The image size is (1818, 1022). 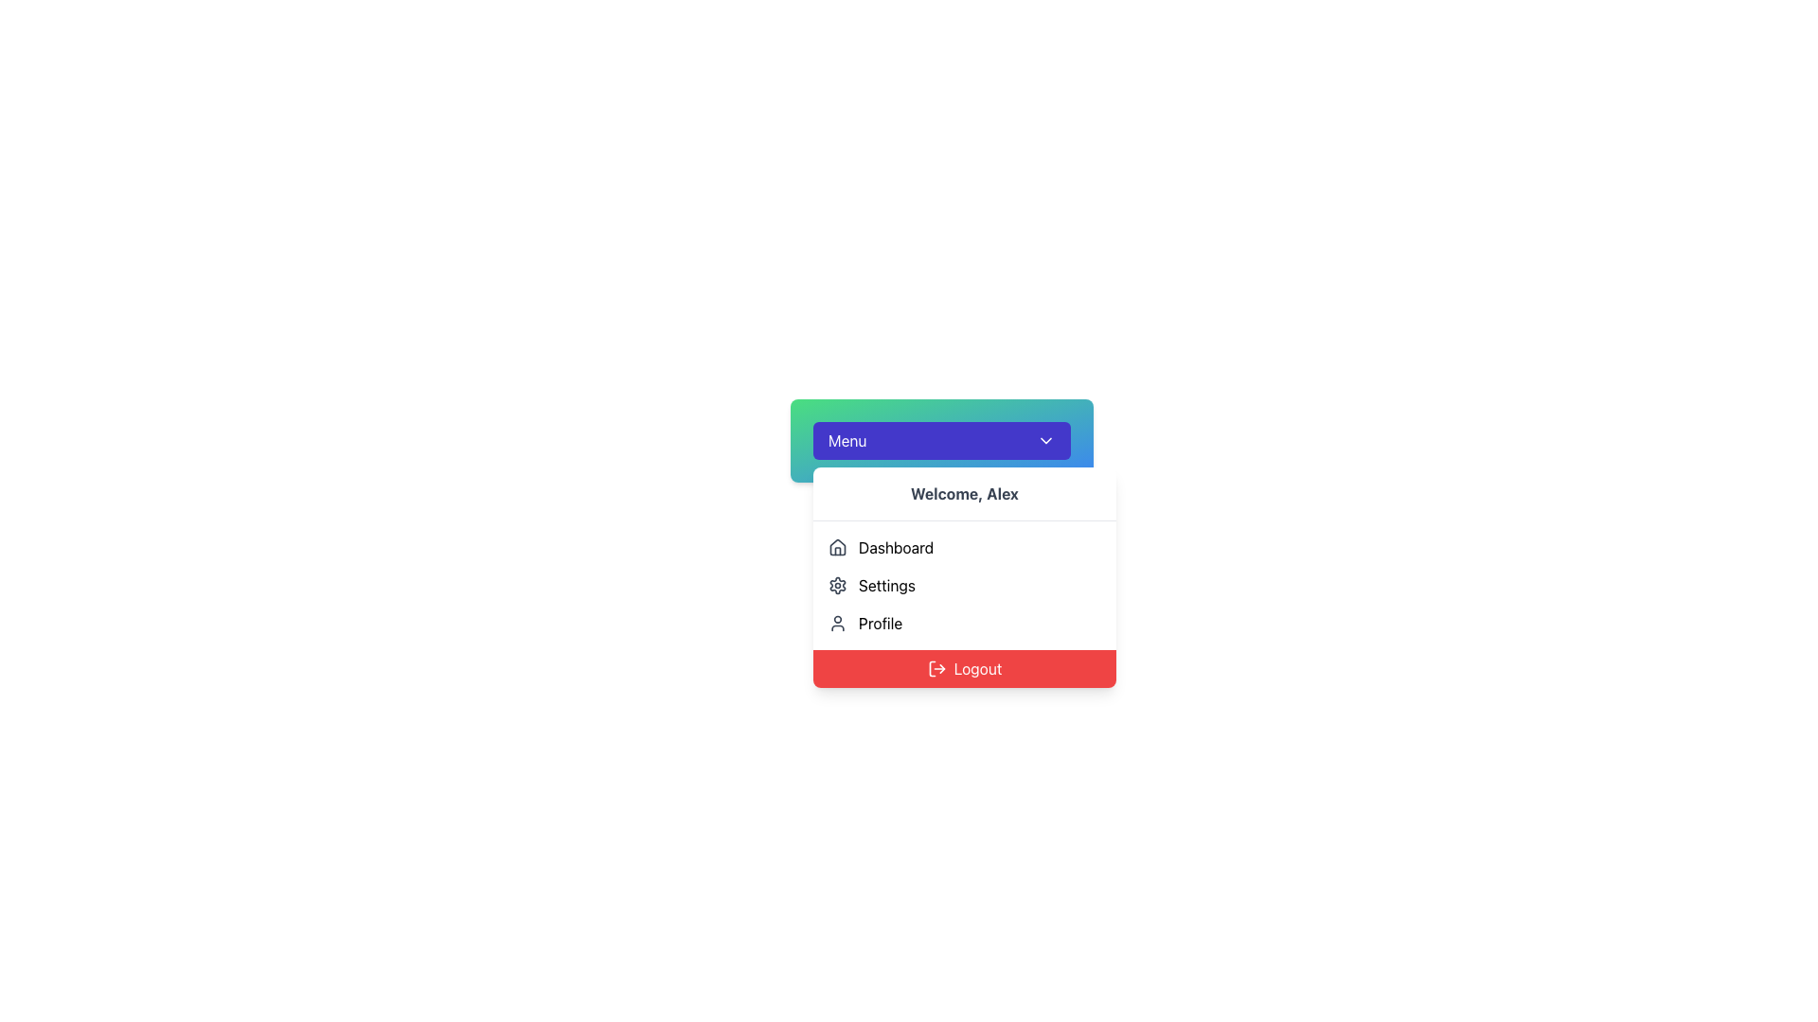 I want to click on the 'Settings' text label in the dropdown menu, so click(x=885, y=584).